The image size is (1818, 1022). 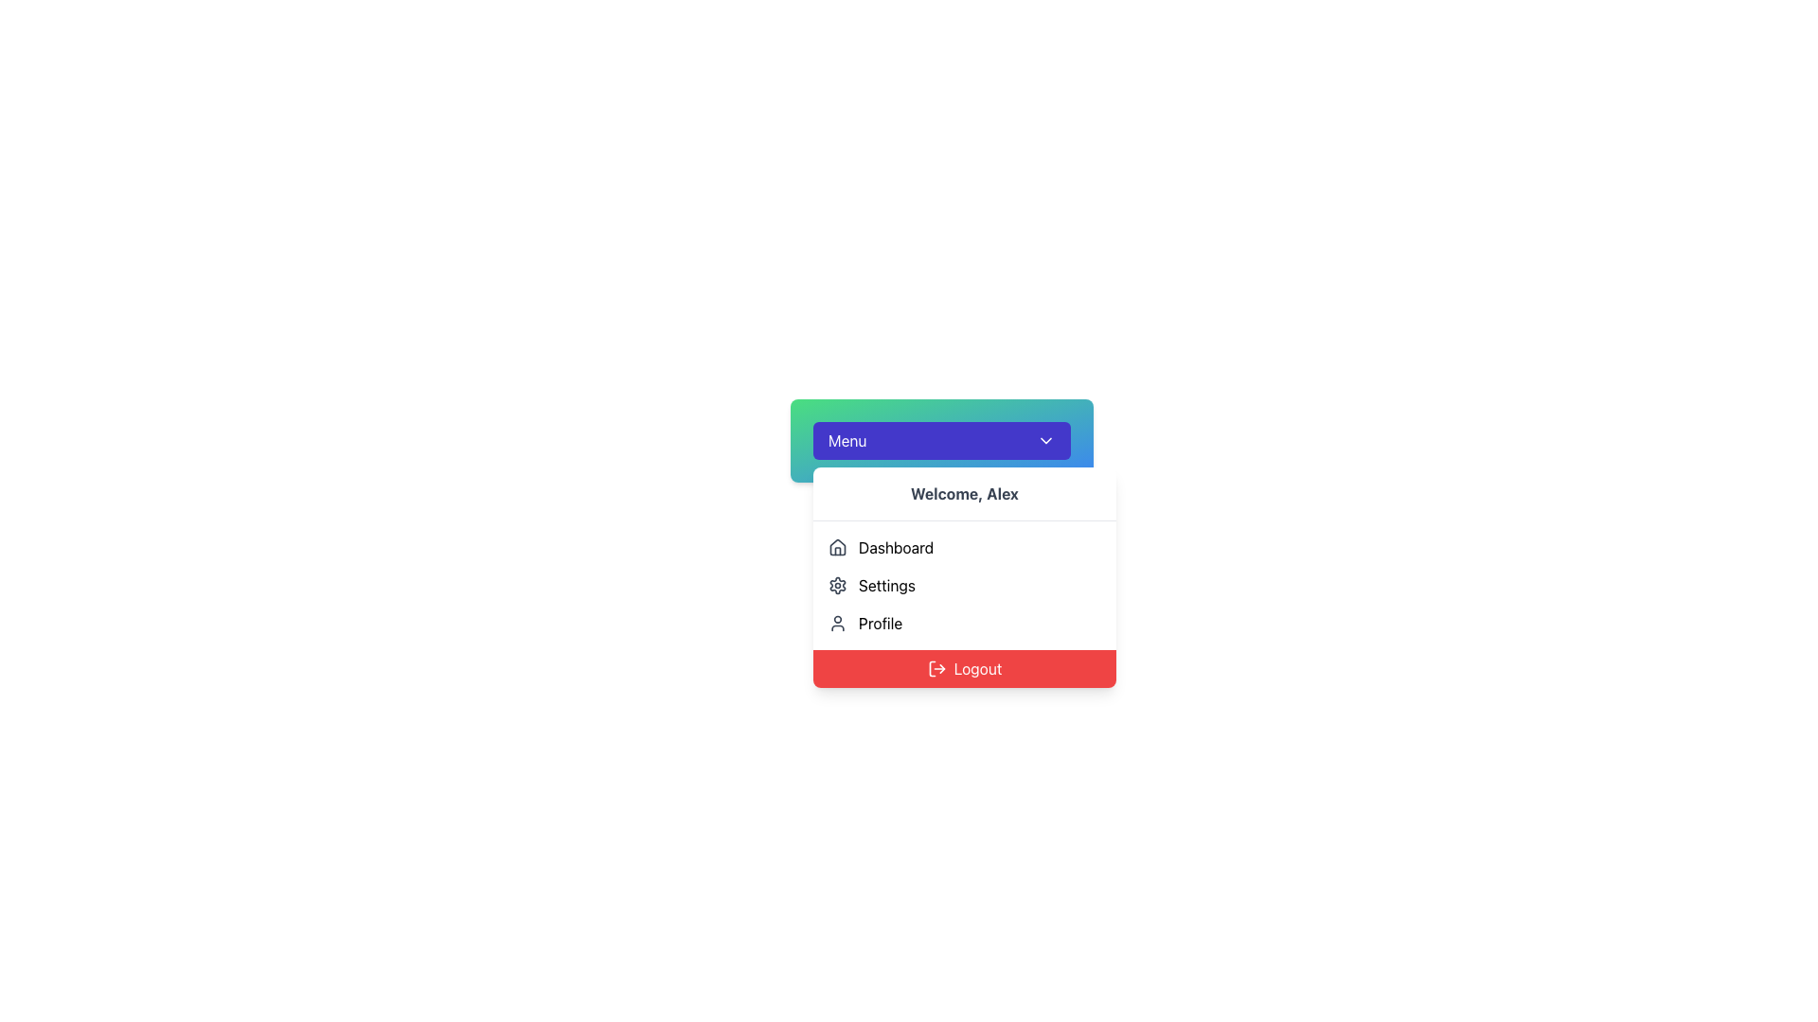 I want to click on the 'Settings' text label in the dropdown menu, so click(x=885, y=584).